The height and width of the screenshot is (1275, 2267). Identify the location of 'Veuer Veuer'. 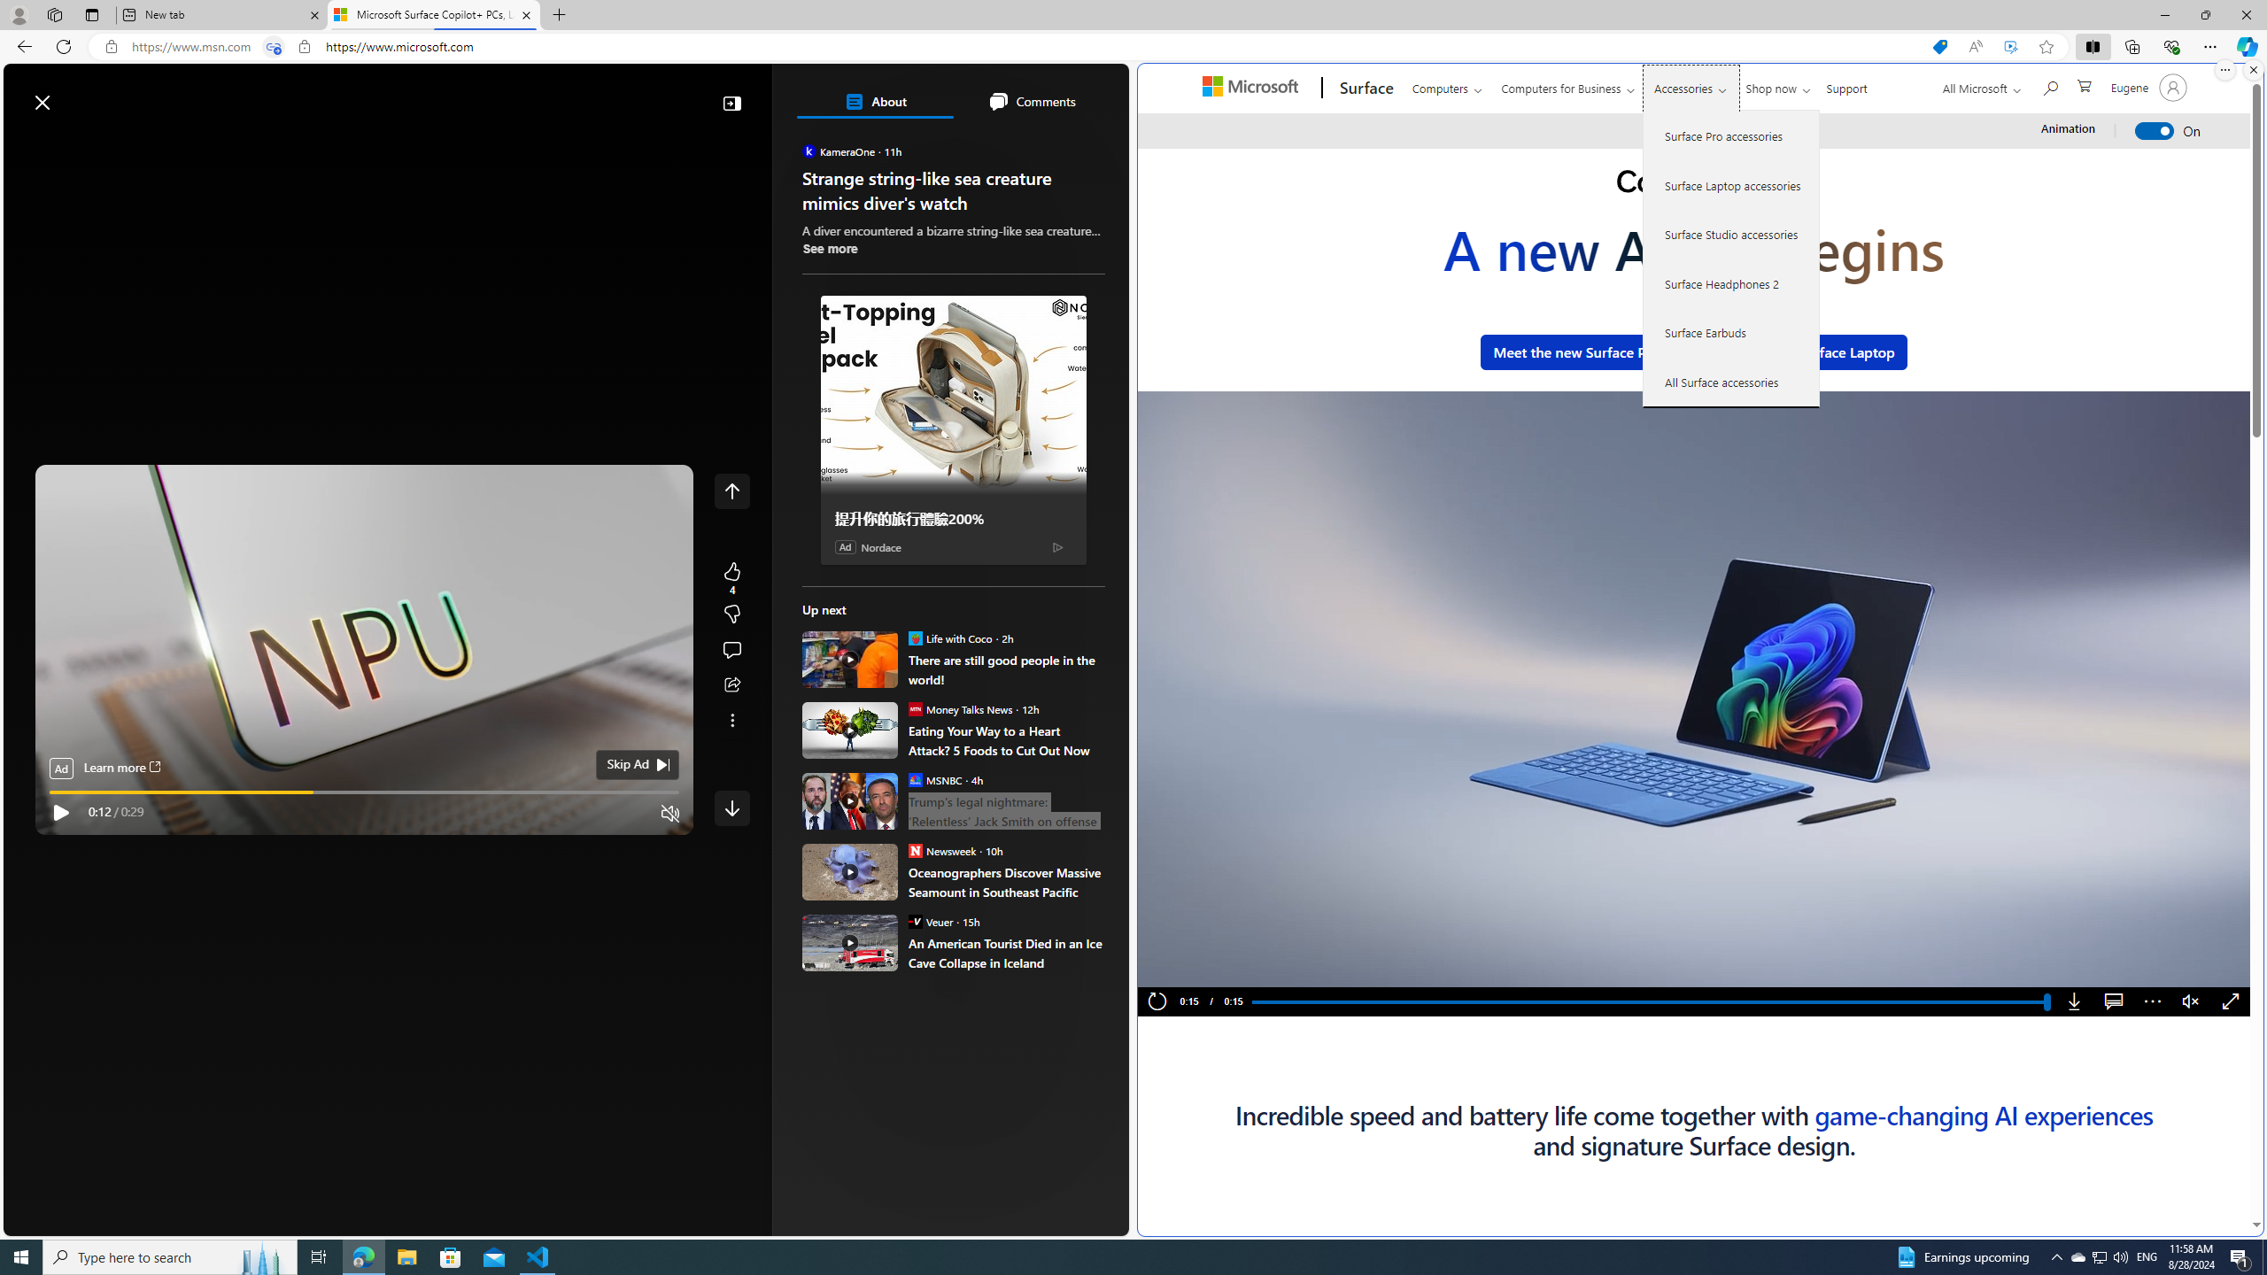
(929, 920).